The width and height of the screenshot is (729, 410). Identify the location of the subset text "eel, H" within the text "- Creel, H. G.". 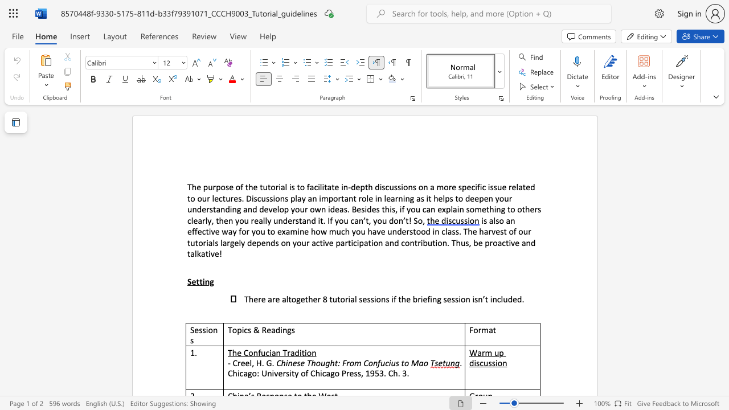
(240, 363).